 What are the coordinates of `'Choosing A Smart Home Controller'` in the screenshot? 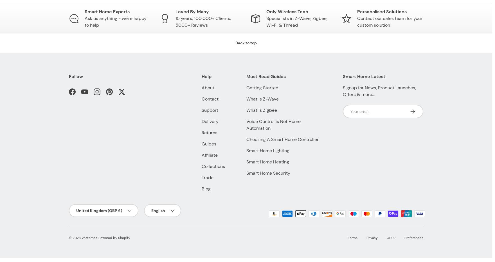 It's located at (246, 139).